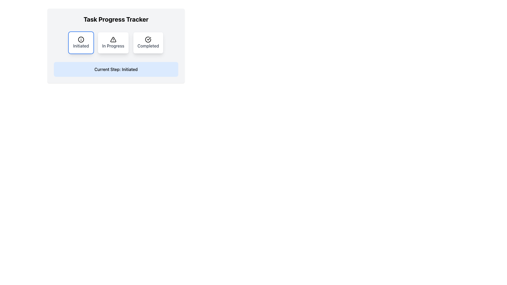 Image resolution: width=507 pixels, height=285 pixels. I want to click on the triangular warning icon with an exclamation mark, which is located above the 'In Progress' label and is the middle element in a group of three status indicators, so click(113, 39).